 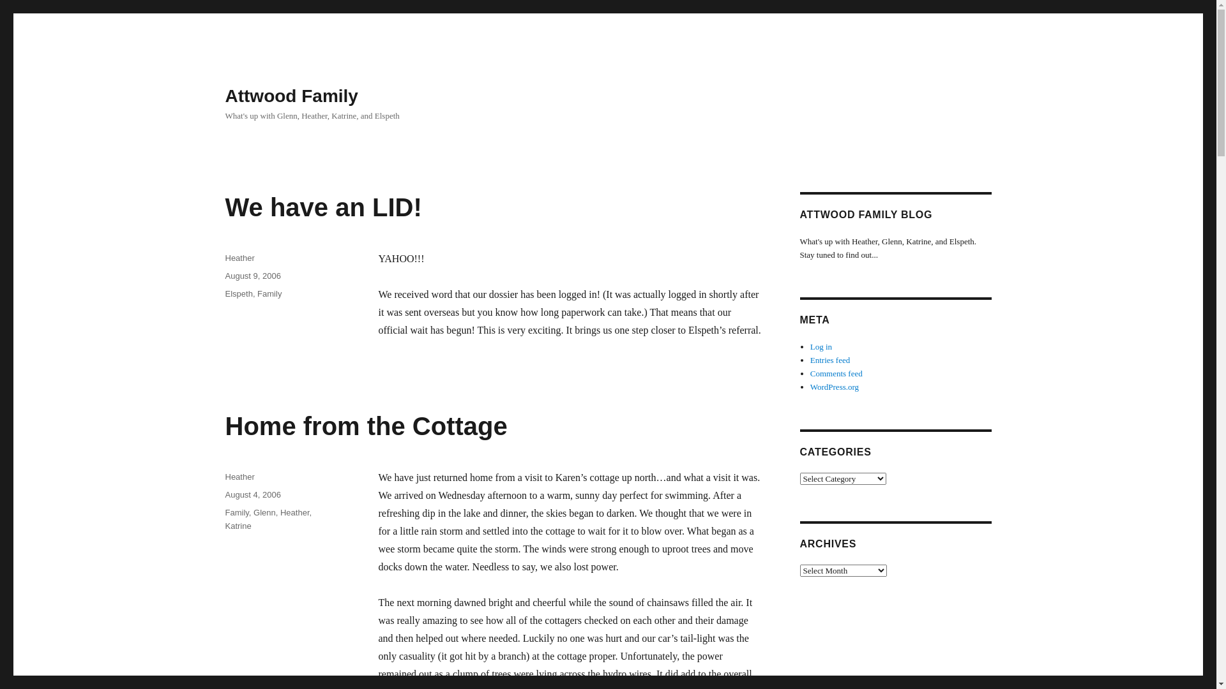 What do you see at coordinates (236, 512) in the screenshot?
I see `'Family'` at bounding box center [236, 512].